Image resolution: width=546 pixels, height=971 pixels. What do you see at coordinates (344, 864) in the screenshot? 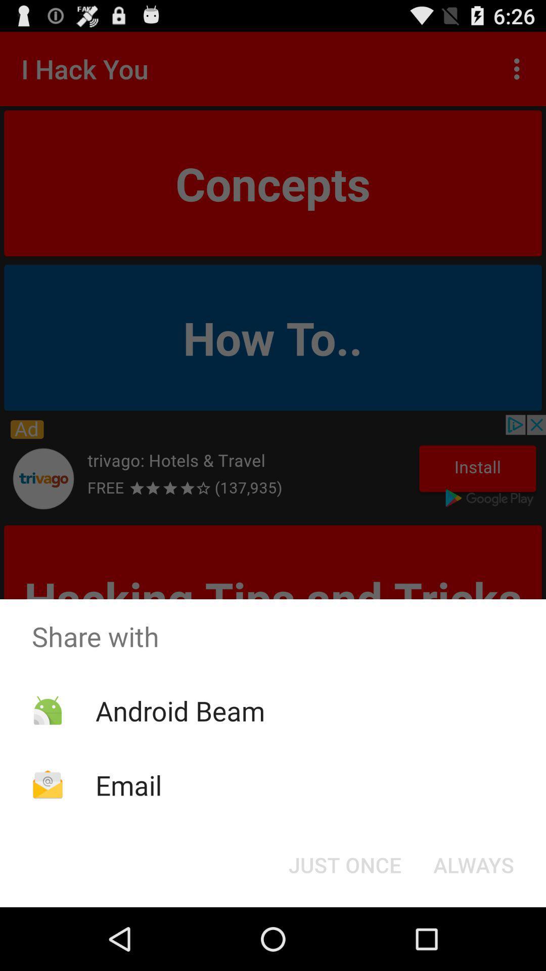
I see `the button to the left of the always button` at bounding box center [344, 864].